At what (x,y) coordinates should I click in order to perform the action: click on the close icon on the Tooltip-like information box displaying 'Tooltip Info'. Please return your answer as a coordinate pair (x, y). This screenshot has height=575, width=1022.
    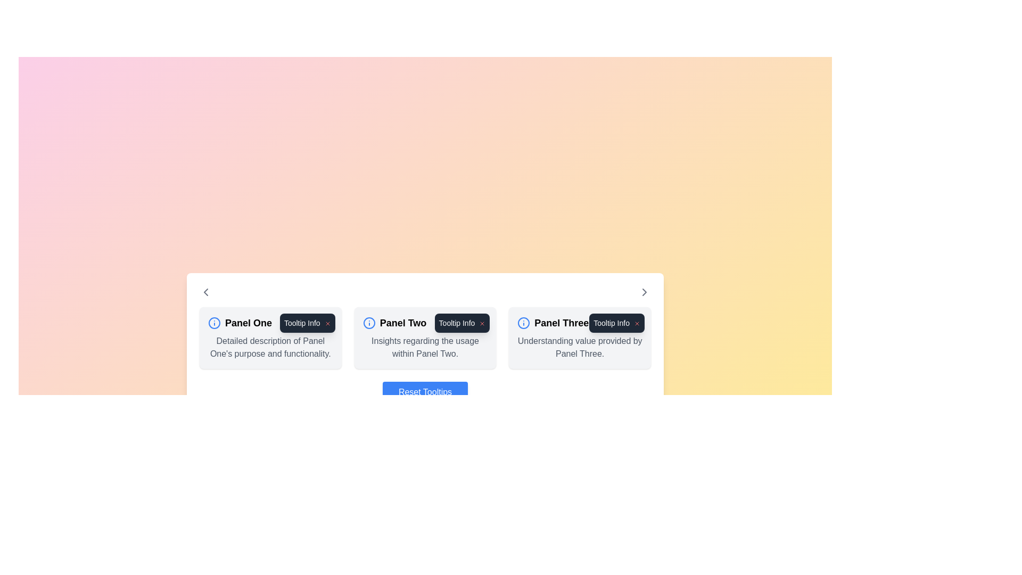
    Looking at the image, I should click on (617, 322).